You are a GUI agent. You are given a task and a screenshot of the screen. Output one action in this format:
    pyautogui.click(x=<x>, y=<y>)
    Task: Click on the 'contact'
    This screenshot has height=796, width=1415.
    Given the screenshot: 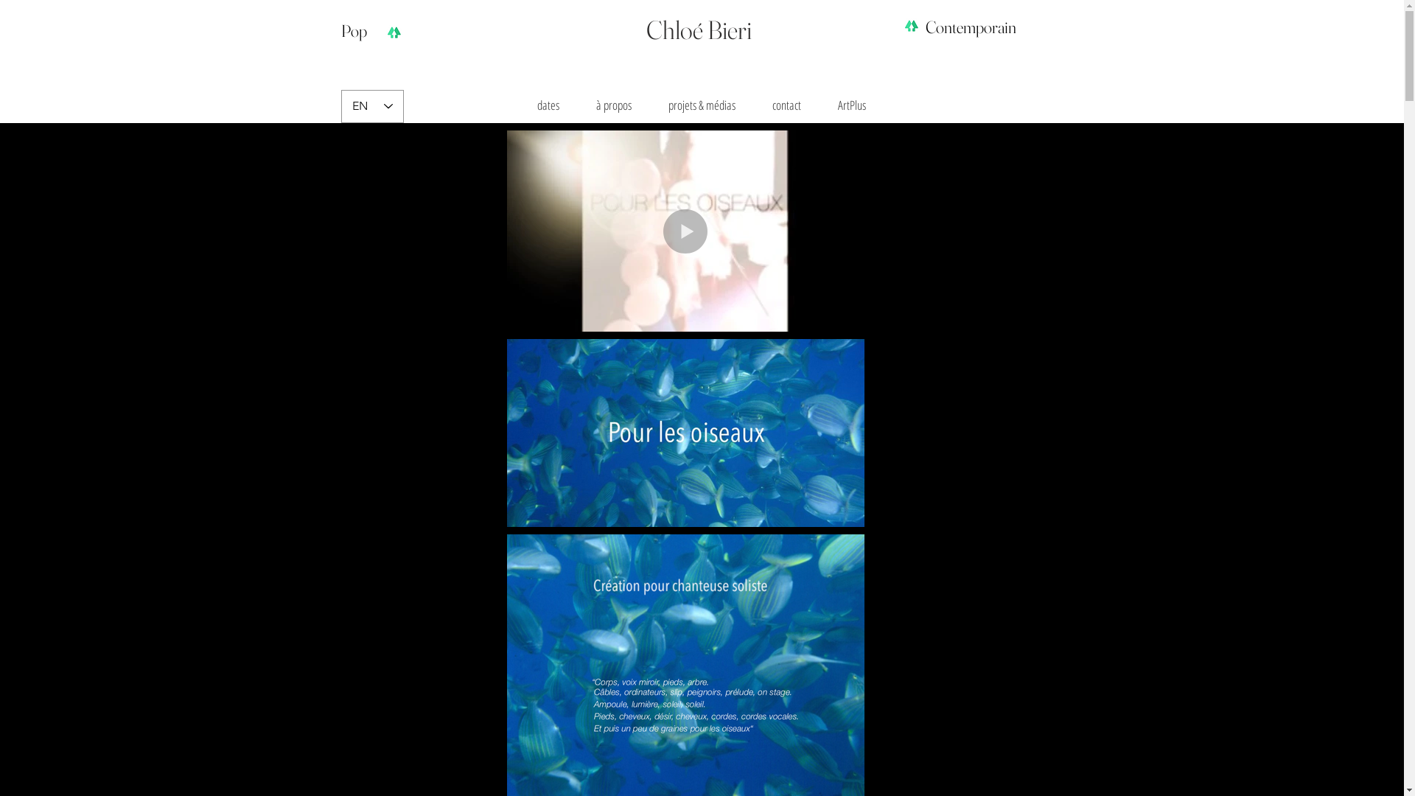 What is the action you would take?
    pyautogui.click(x=785, y=104)
    